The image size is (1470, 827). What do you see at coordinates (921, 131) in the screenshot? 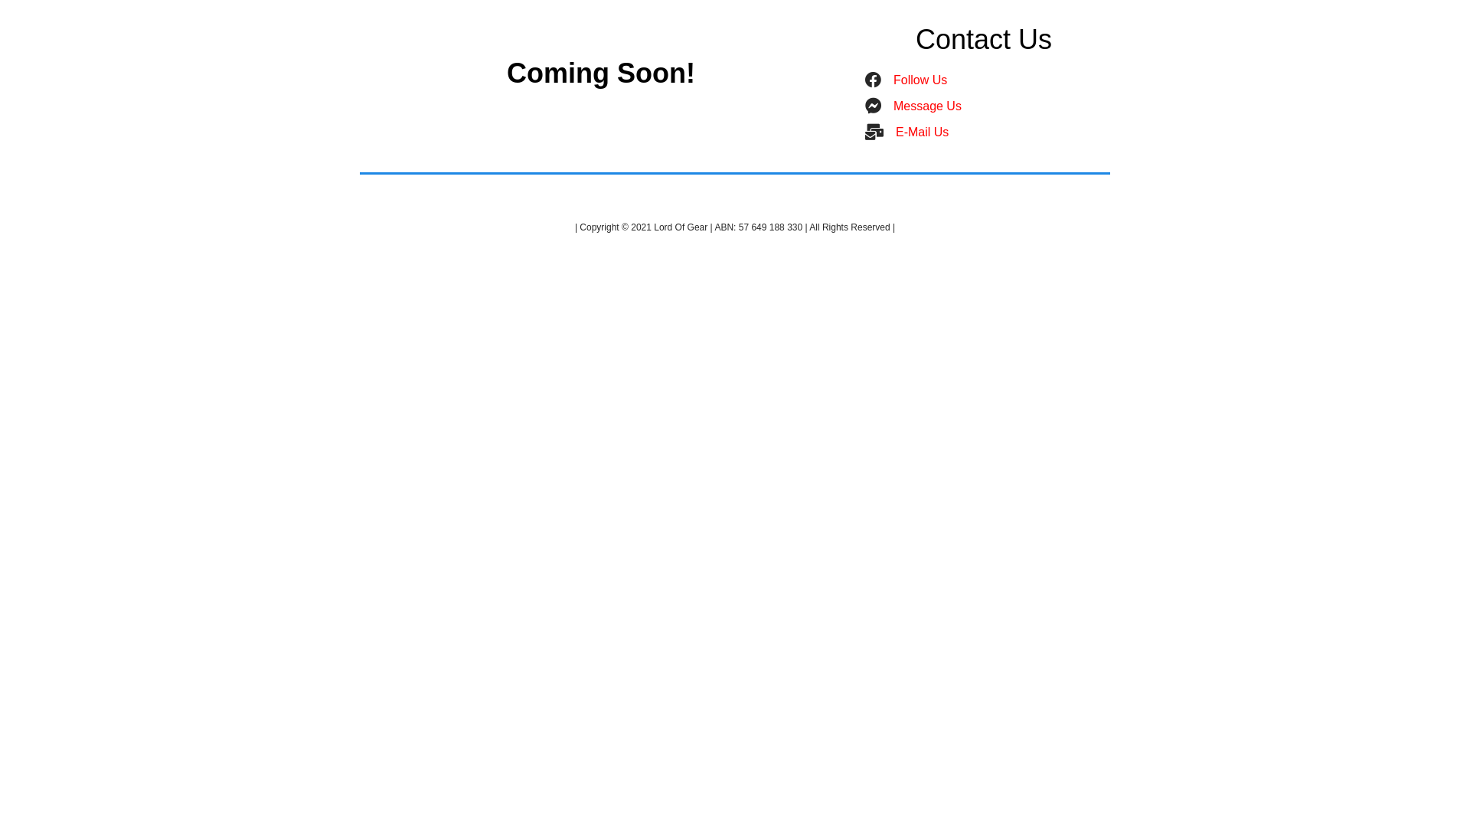
I see `'E-Mail Us'` at bounding box center [921, 131].